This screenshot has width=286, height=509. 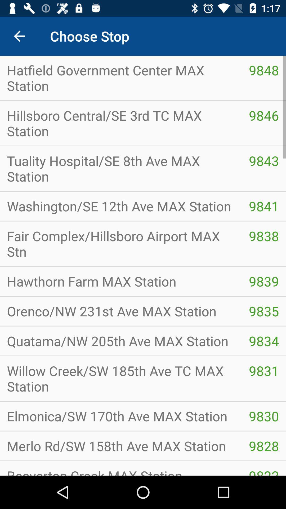 What do you see at coordinates (121, 341) in the screenshot?
I see `icon below orenco nw 231st item` at bounding box center [121, 341].